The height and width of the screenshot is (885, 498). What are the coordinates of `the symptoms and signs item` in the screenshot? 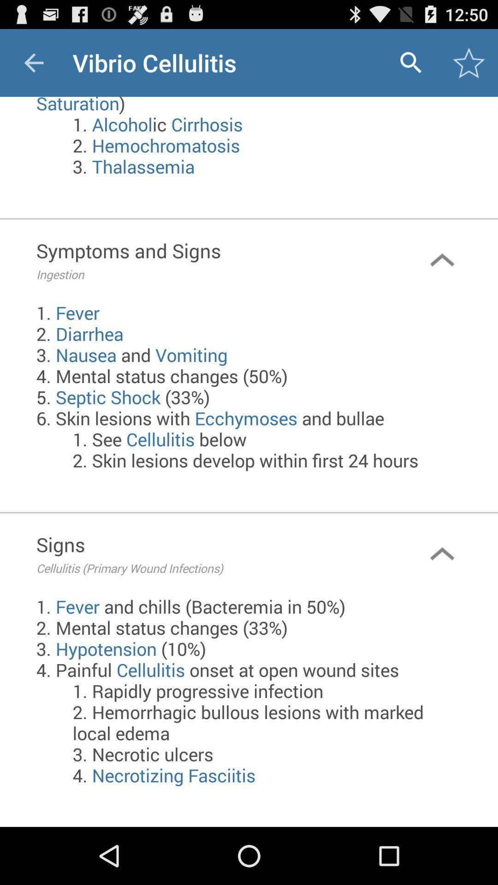 It's located at (211, 260).